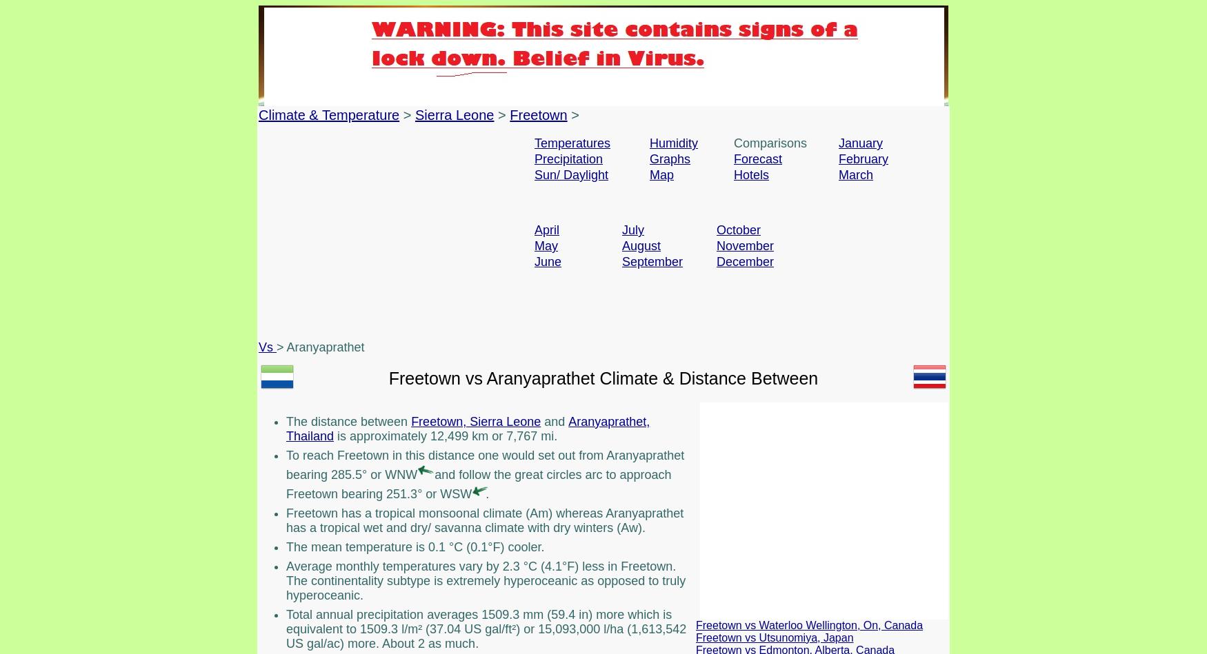  What do you see at coordinates (674, 143) in the screenshot?
I see `'Humidity'` at bounding box center [674, 143].